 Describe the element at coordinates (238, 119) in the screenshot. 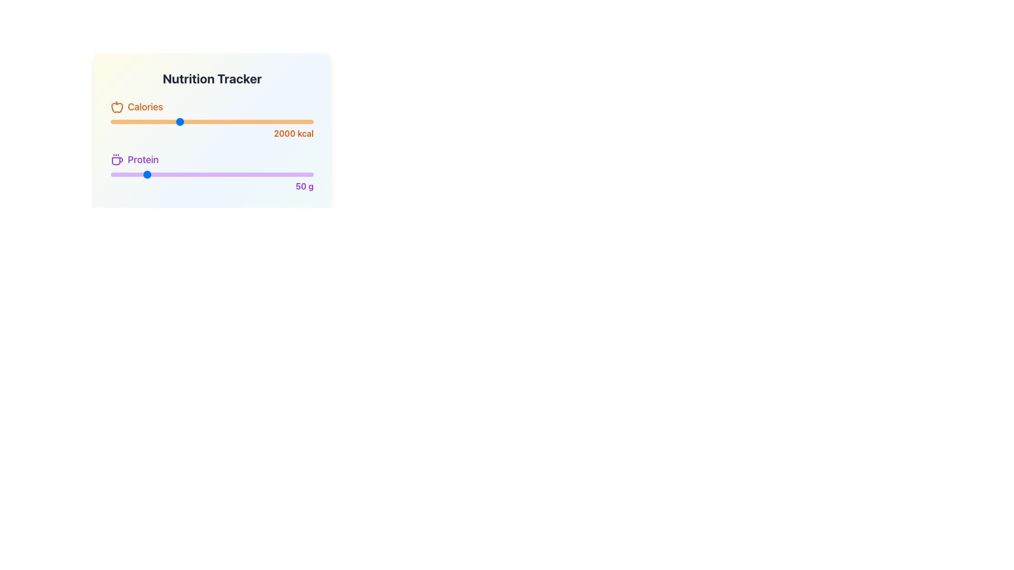

I see `calorie intake` at that location.